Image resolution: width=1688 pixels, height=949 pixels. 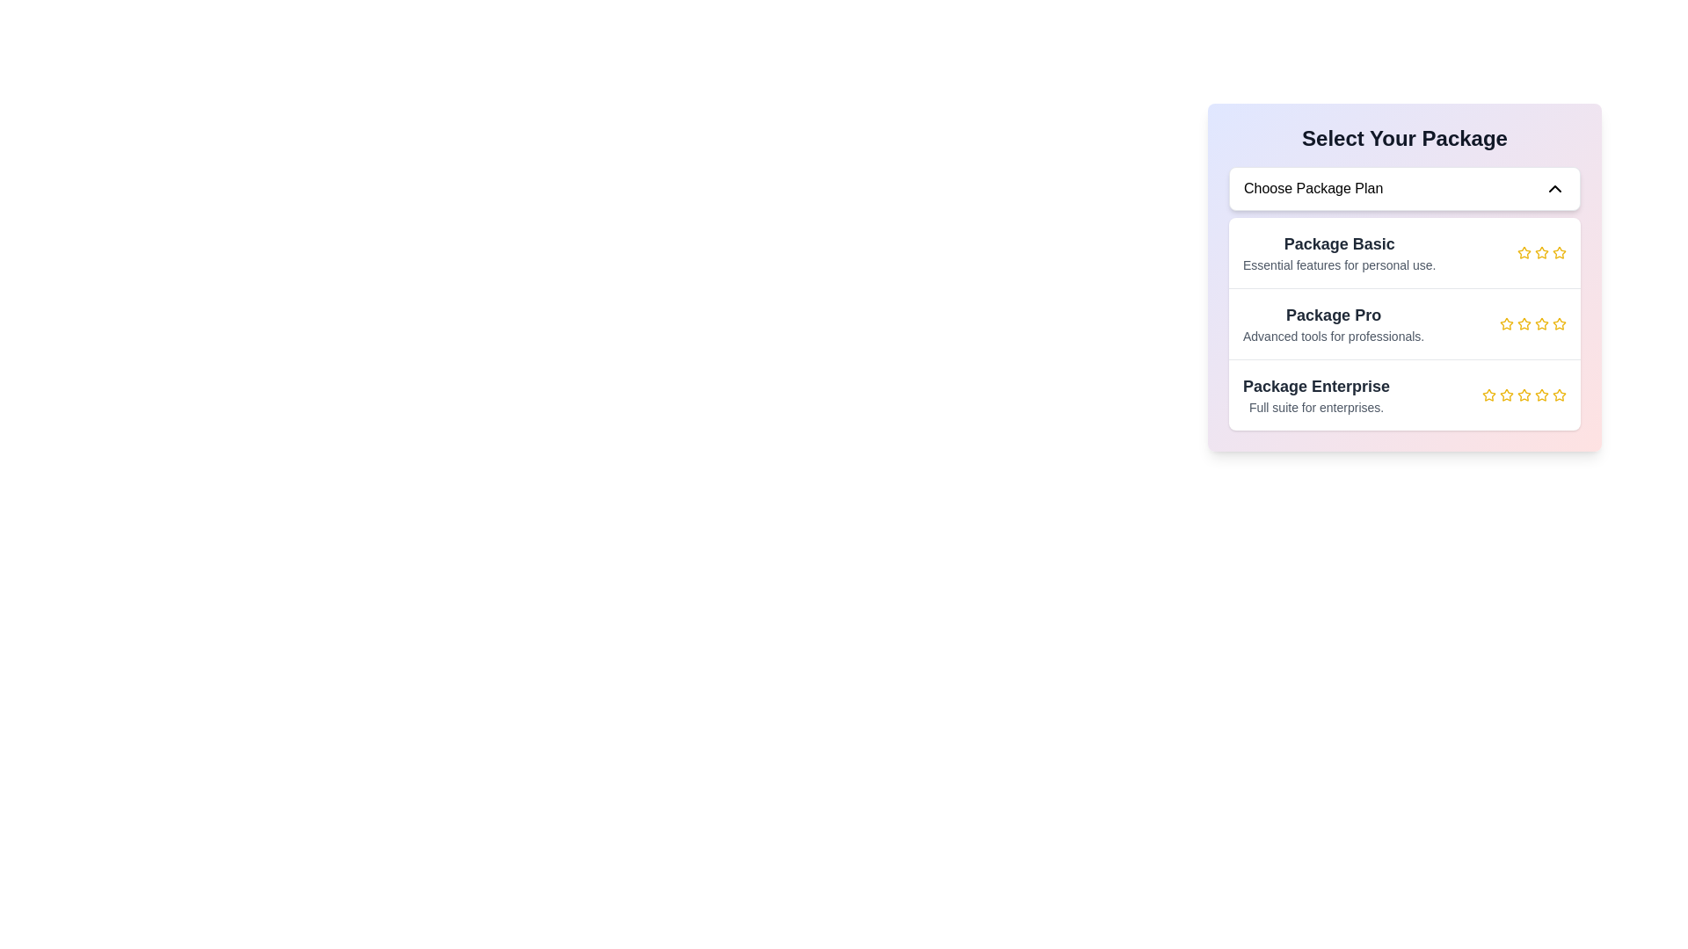 What do you see at coordinates (1560, 323) in the screenshot?
I see `the fourth yellow hollow star icon in the third row under the 'Package Pro' section to rate it` at bounding box center [1560, 323].